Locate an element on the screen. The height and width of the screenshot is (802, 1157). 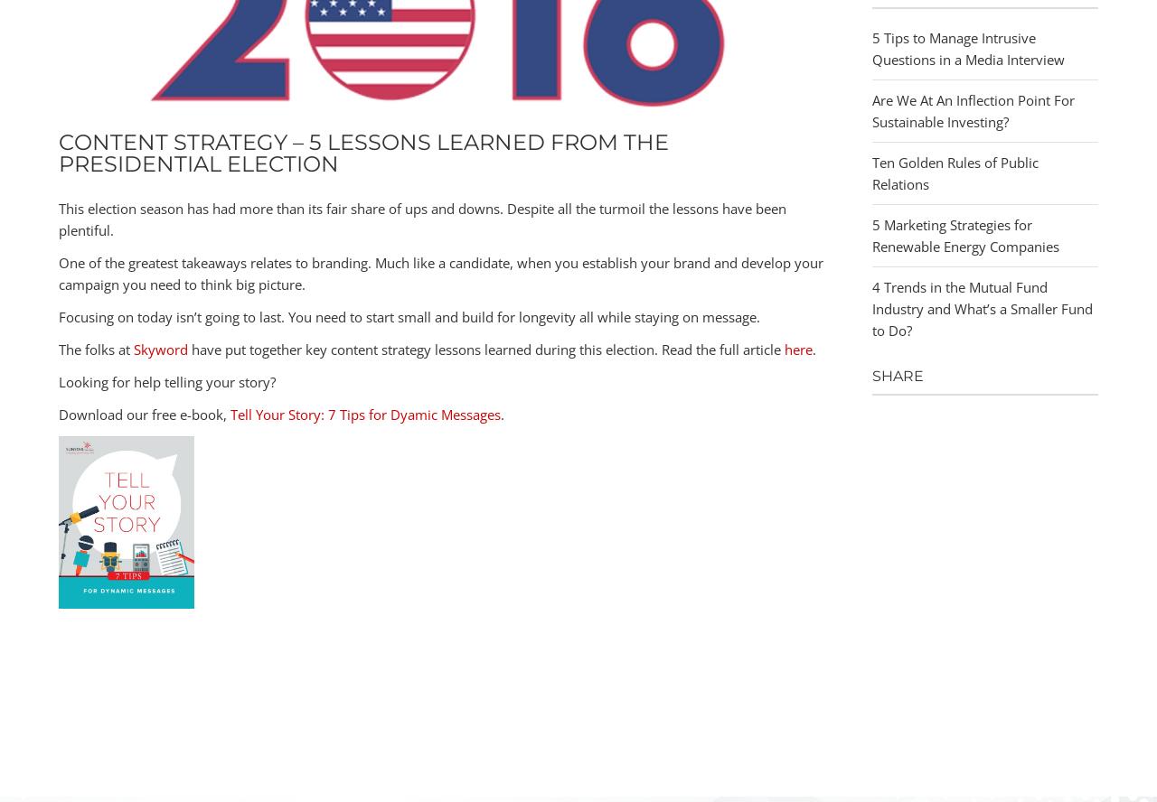
'here' is located at coordinates (797, 349).